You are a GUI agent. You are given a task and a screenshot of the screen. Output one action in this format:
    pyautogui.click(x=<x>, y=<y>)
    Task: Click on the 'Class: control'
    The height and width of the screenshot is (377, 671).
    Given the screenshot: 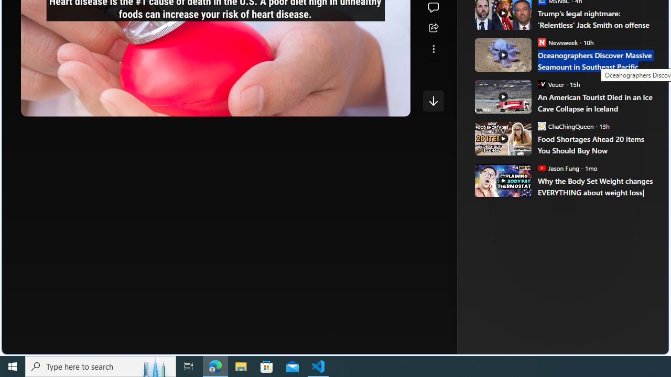 What is the action you would take?
    pyautogui.click(x=433, y=101)
    